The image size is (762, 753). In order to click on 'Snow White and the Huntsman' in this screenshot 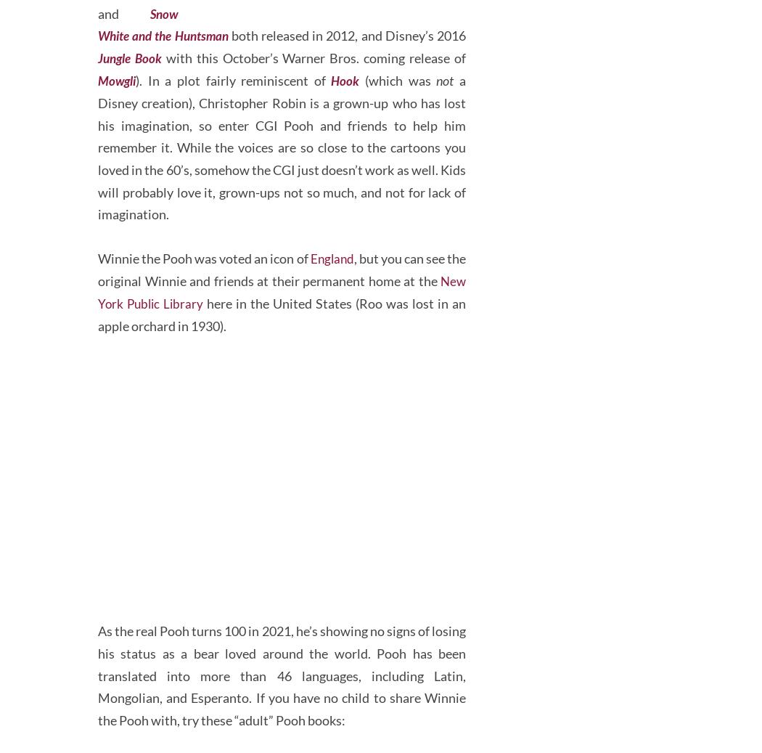, I will do `click(171, 77)`.